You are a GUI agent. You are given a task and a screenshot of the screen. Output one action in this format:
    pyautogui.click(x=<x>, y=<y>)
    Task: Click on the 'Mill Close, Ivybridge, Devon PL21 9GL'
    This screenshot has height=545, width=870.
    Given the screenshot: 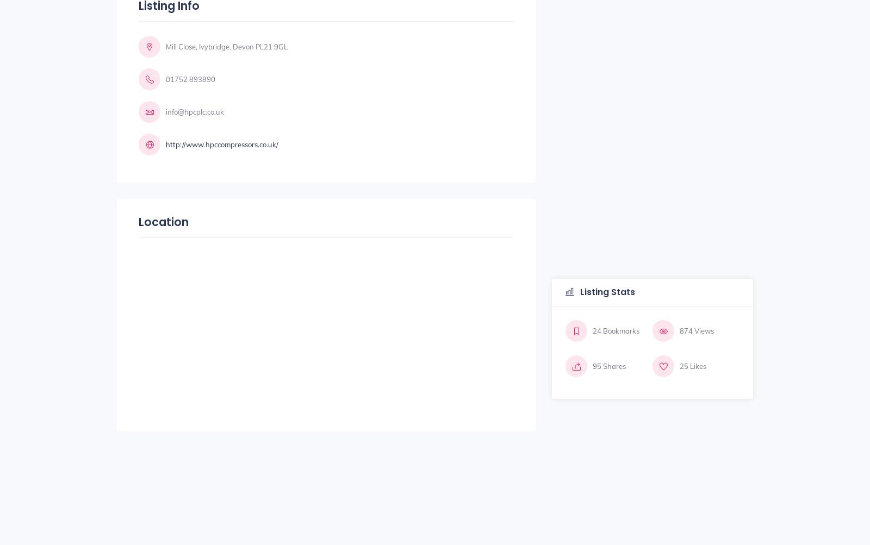 What is the action you would take?
    pyautogui.click(x=226, y=46)
    